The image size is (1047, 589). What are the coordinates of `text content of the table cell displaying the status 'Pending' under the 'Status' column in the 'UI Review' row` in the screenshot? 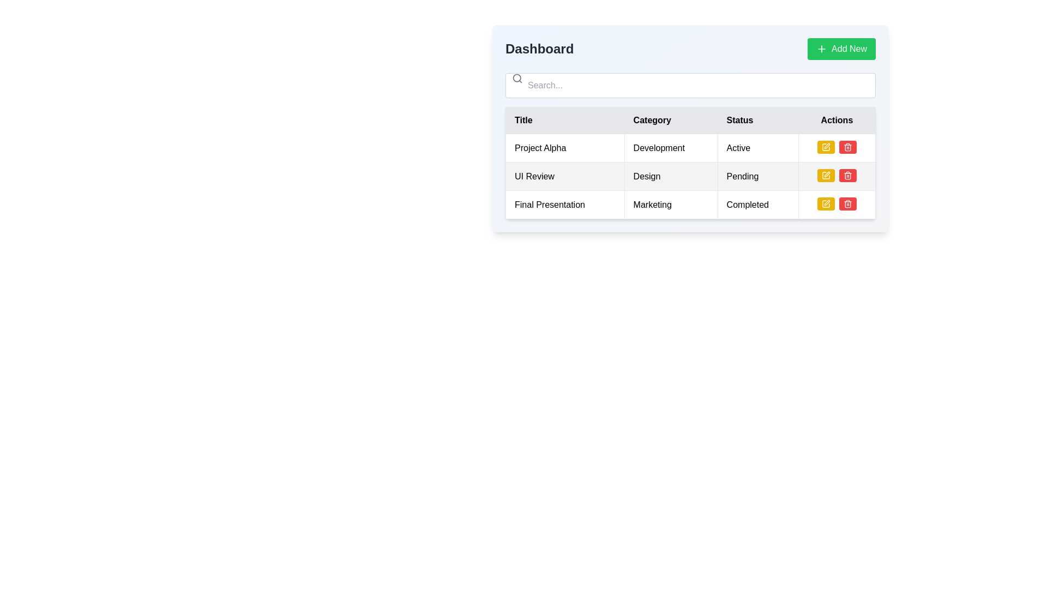 It's located at (757, 176).